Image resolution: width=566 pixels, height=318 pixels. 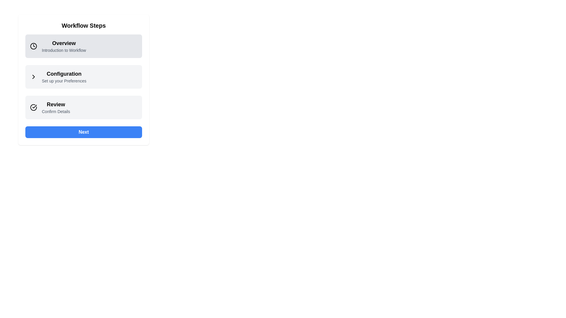 I want to click on the circular clock icon located at the top-left corner of the 'Overview' list item, which is adjacent to the 'Overview' text label, so click(x=33, y=46).